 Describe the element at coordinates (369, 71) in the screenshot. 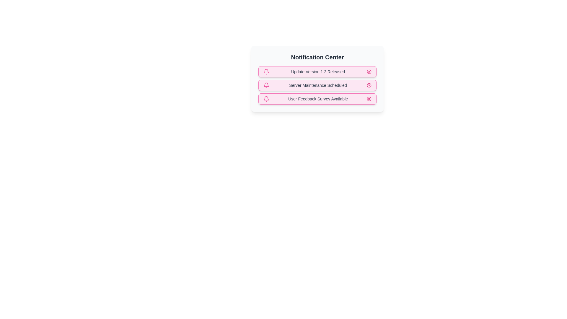

I see `archive button for the notification titled 'Update Version 1.2 Released'` at that location.